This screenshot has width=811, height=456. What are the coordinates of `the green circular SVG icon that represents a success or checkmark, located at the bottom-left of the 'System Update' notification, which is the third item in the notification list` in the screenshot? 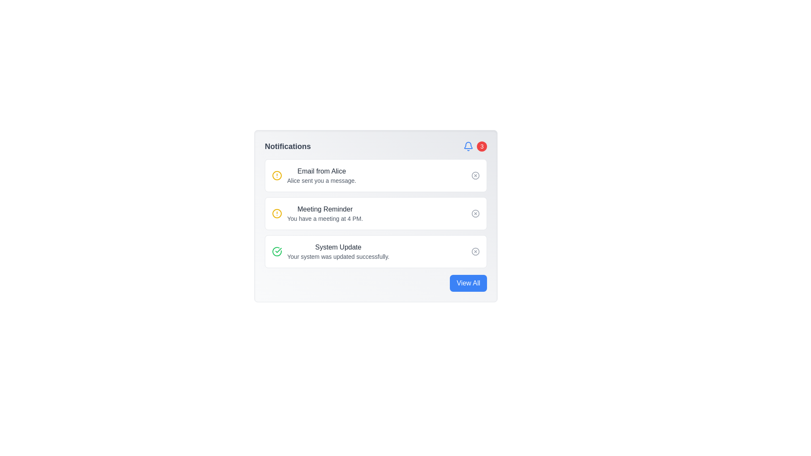 It's located at (277, 251).